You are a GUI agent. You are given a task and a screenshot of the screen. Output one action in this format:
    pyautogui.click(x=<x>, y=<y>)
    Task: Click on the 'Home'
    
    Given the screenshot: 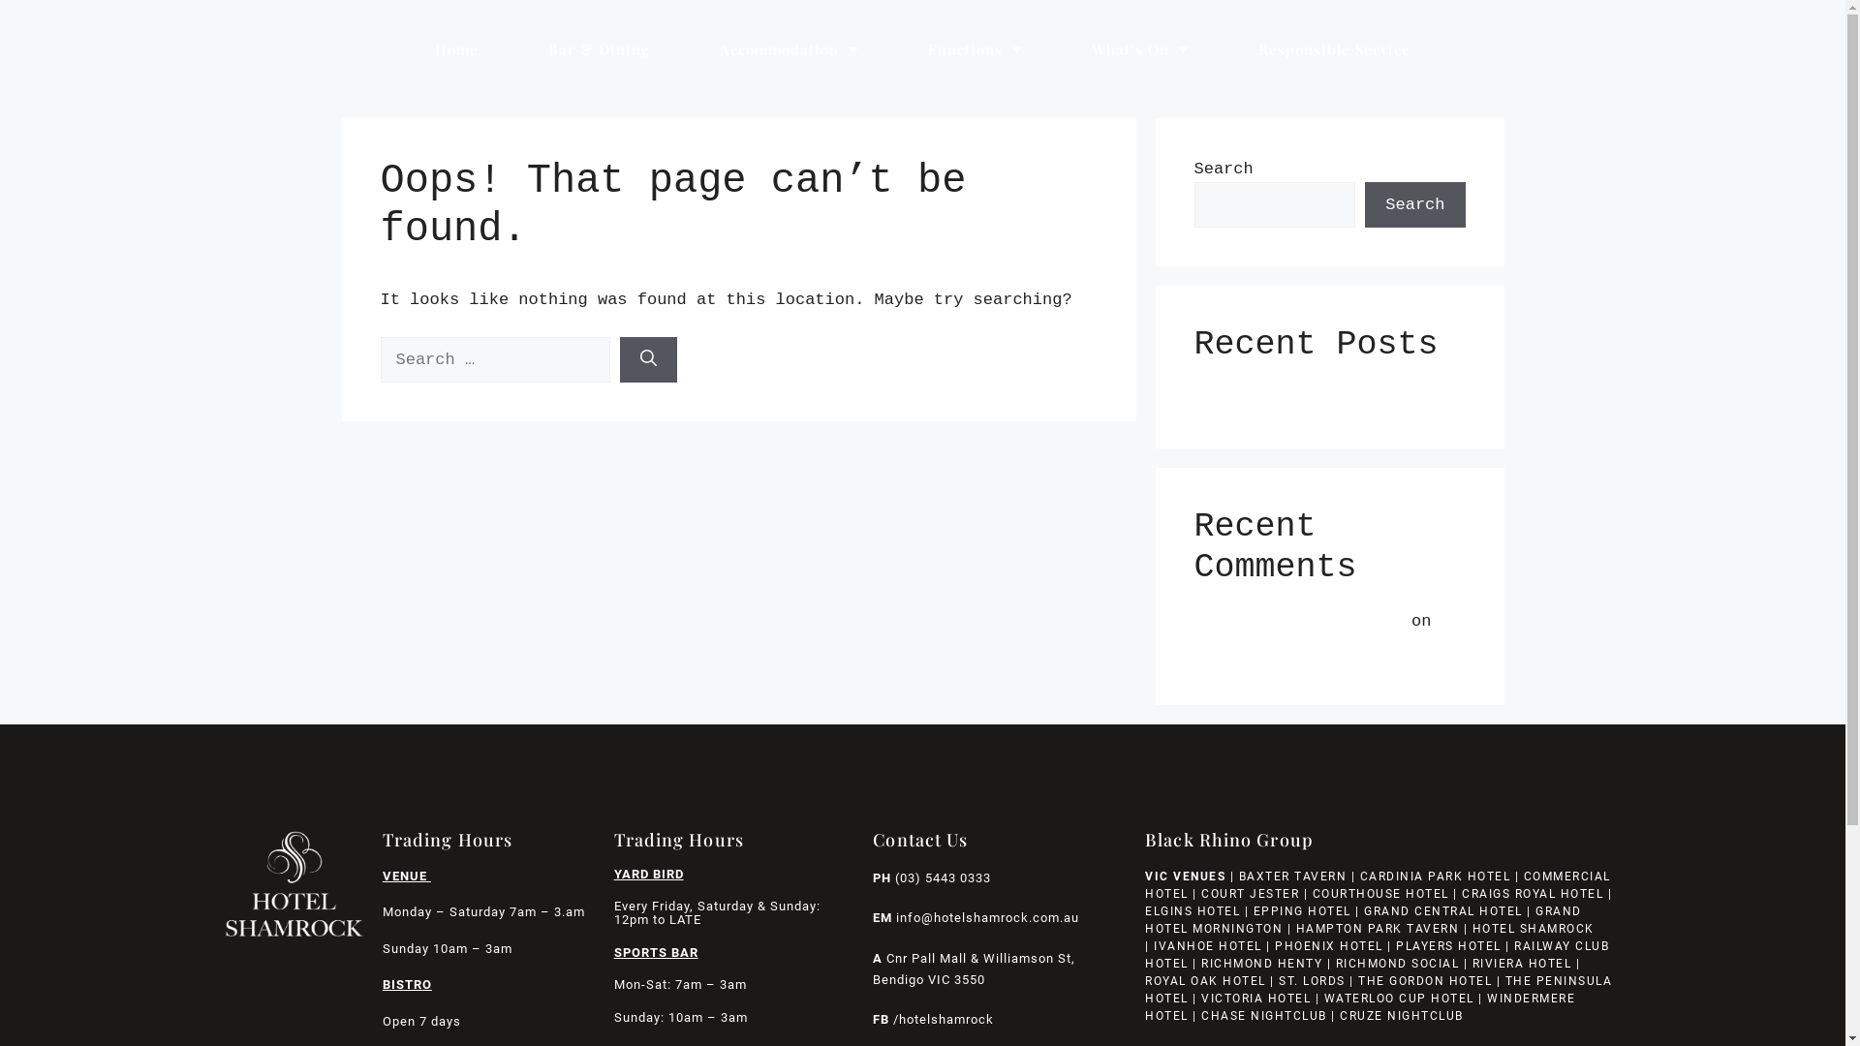 What is the action you would take?
    pyautogui.click(x=455, y=47)
    